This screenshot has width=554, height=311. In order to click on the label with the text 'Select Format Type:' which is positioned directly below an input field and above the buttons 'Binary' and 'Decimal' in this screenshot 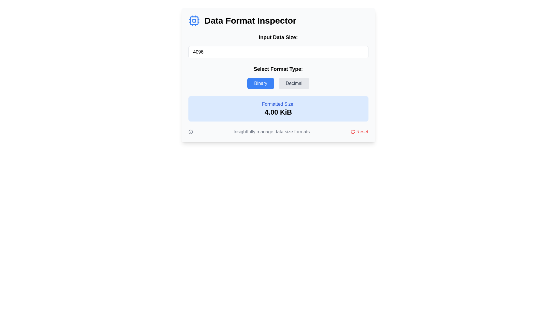, I will do `click(278, 69)`.